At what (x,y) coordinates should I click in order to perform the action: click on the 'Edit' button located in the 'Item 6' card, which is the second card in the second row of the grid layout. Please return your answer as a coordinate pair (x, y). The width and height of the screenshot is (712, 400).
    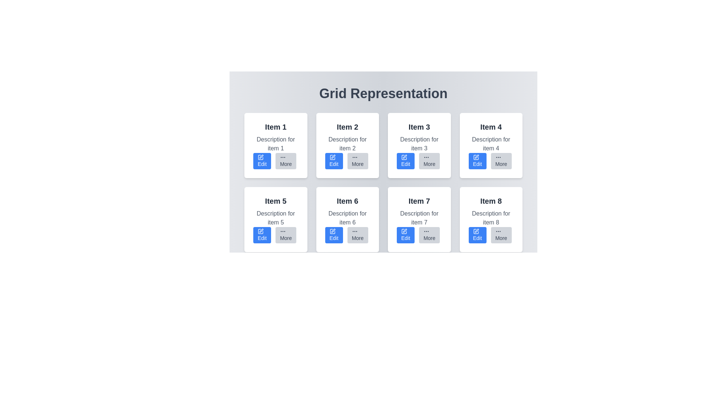
    Looking at the image, I should click on (403, 306).